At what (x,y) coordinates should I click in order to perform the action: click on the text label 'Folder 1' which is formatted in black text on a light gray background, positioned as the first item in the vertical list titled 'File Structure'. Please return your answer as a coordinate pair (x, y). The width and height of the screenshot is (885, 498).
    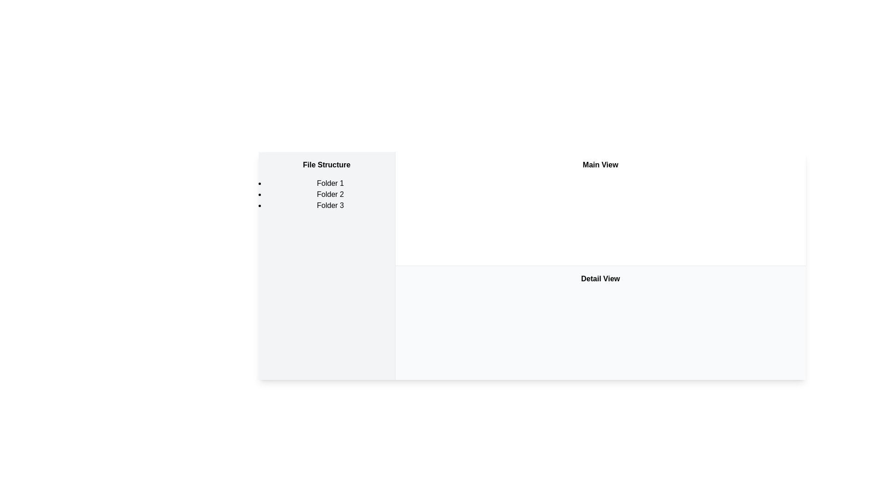
    Looking at the image, I should click on (330, 183).